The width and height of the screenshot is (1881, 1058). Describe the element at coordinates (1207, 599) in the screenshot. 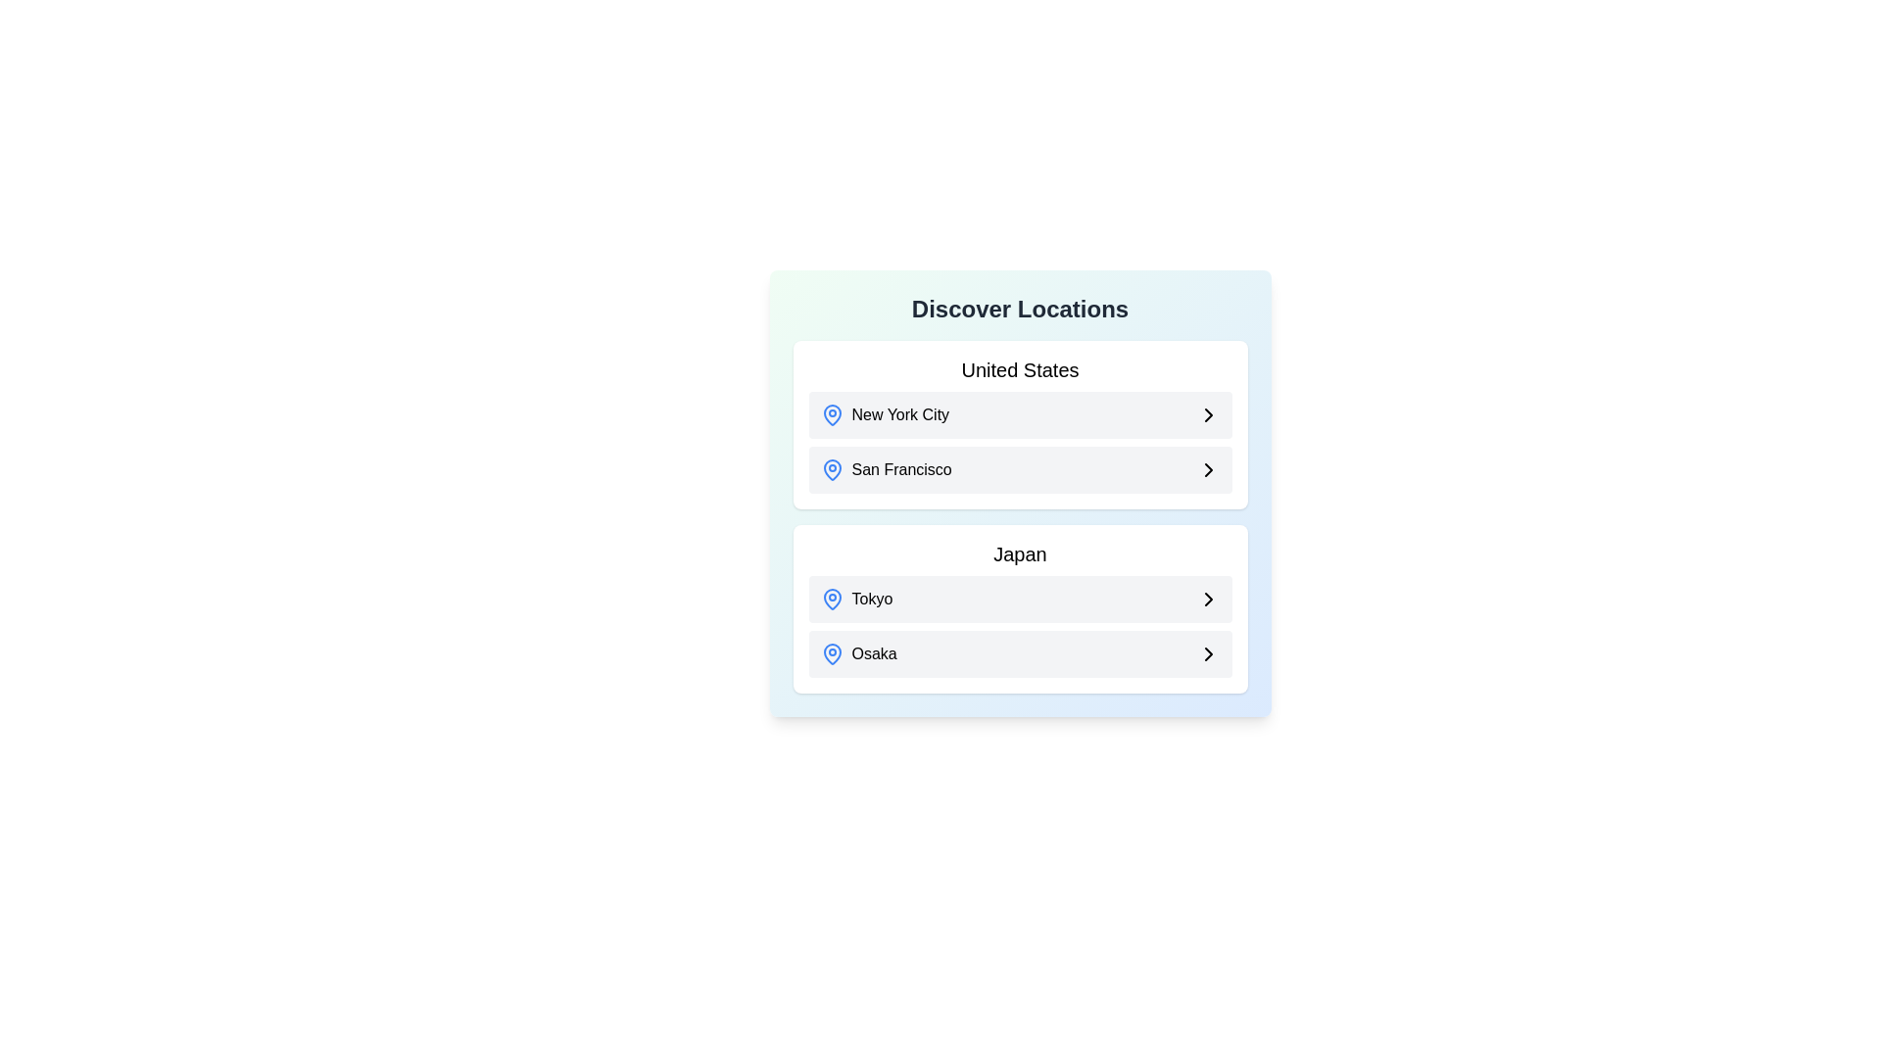

I see `the icon indicating further details for the 'Tokyo' option, which is positioned to the right of the 'Tokyo' label` at that location.